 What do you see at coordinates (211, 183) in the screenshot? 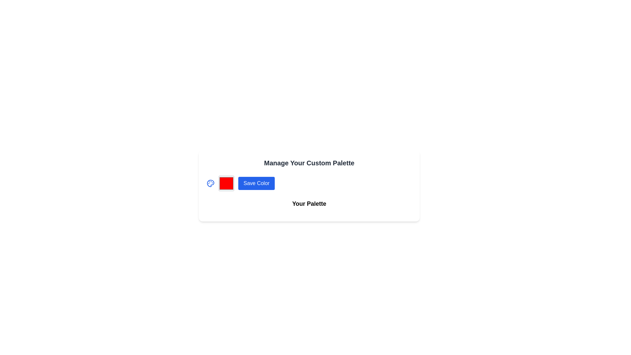
I see `the paint palette icon, which features a soft rounded shape with color accents and is located near the top-left corner of the control section, adjacent to a red square and above the 'Save Color' button` at bounding box center [211, 183].